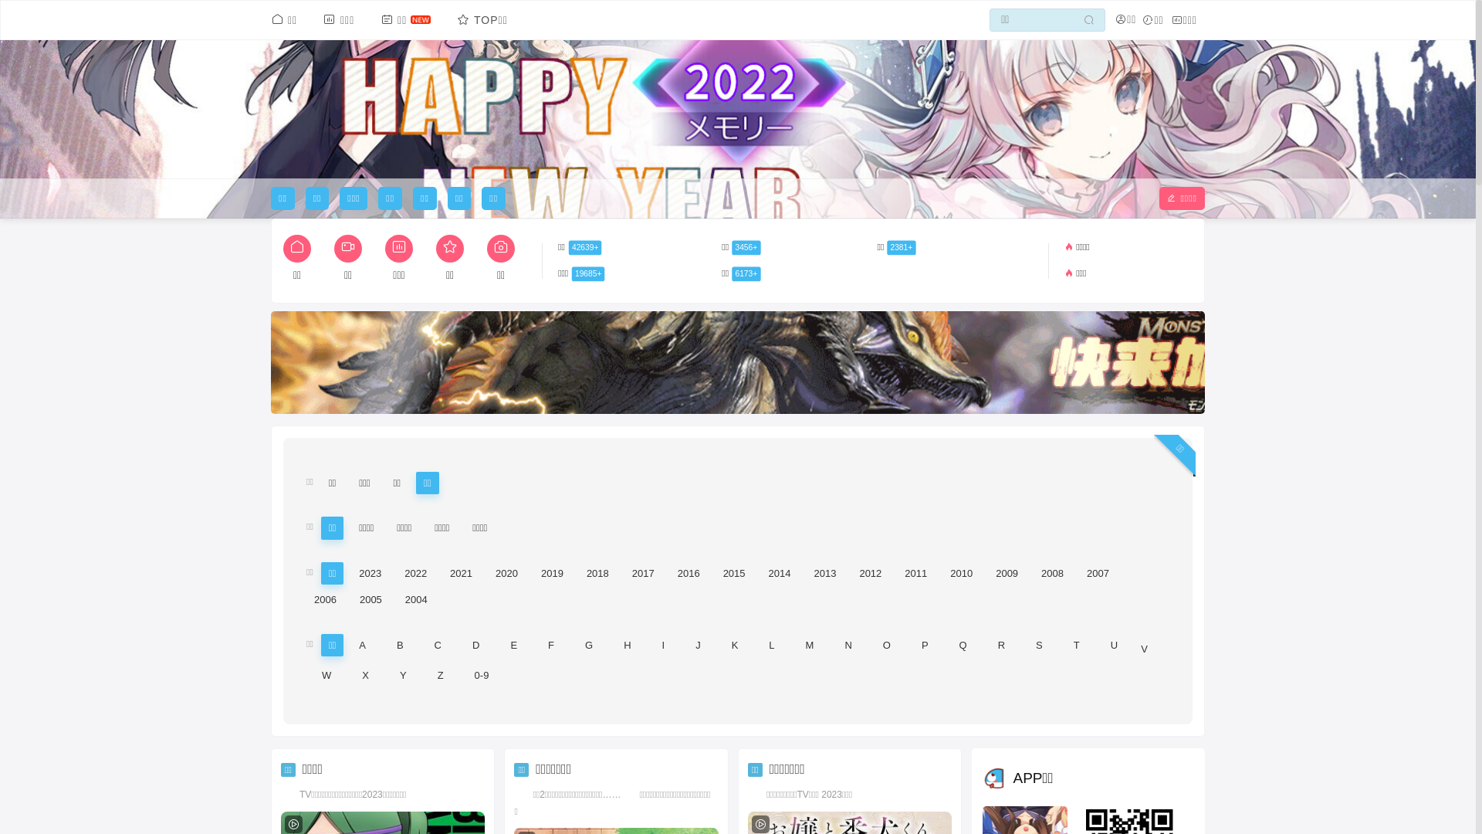  Describe the element at coordinates (963, 645) in the screenshot. I see `'Q'` at that location.